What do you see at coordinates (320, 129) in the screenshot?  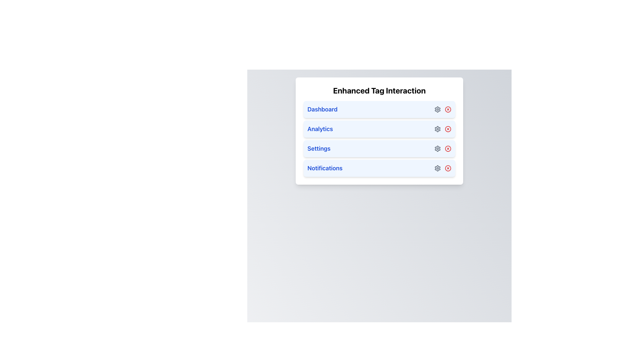 I see `the text label displaying 'Analytics' in a bold blue font, which is part of a card interface positioned in the upper area of the interface` at bounding box center [320, 129].